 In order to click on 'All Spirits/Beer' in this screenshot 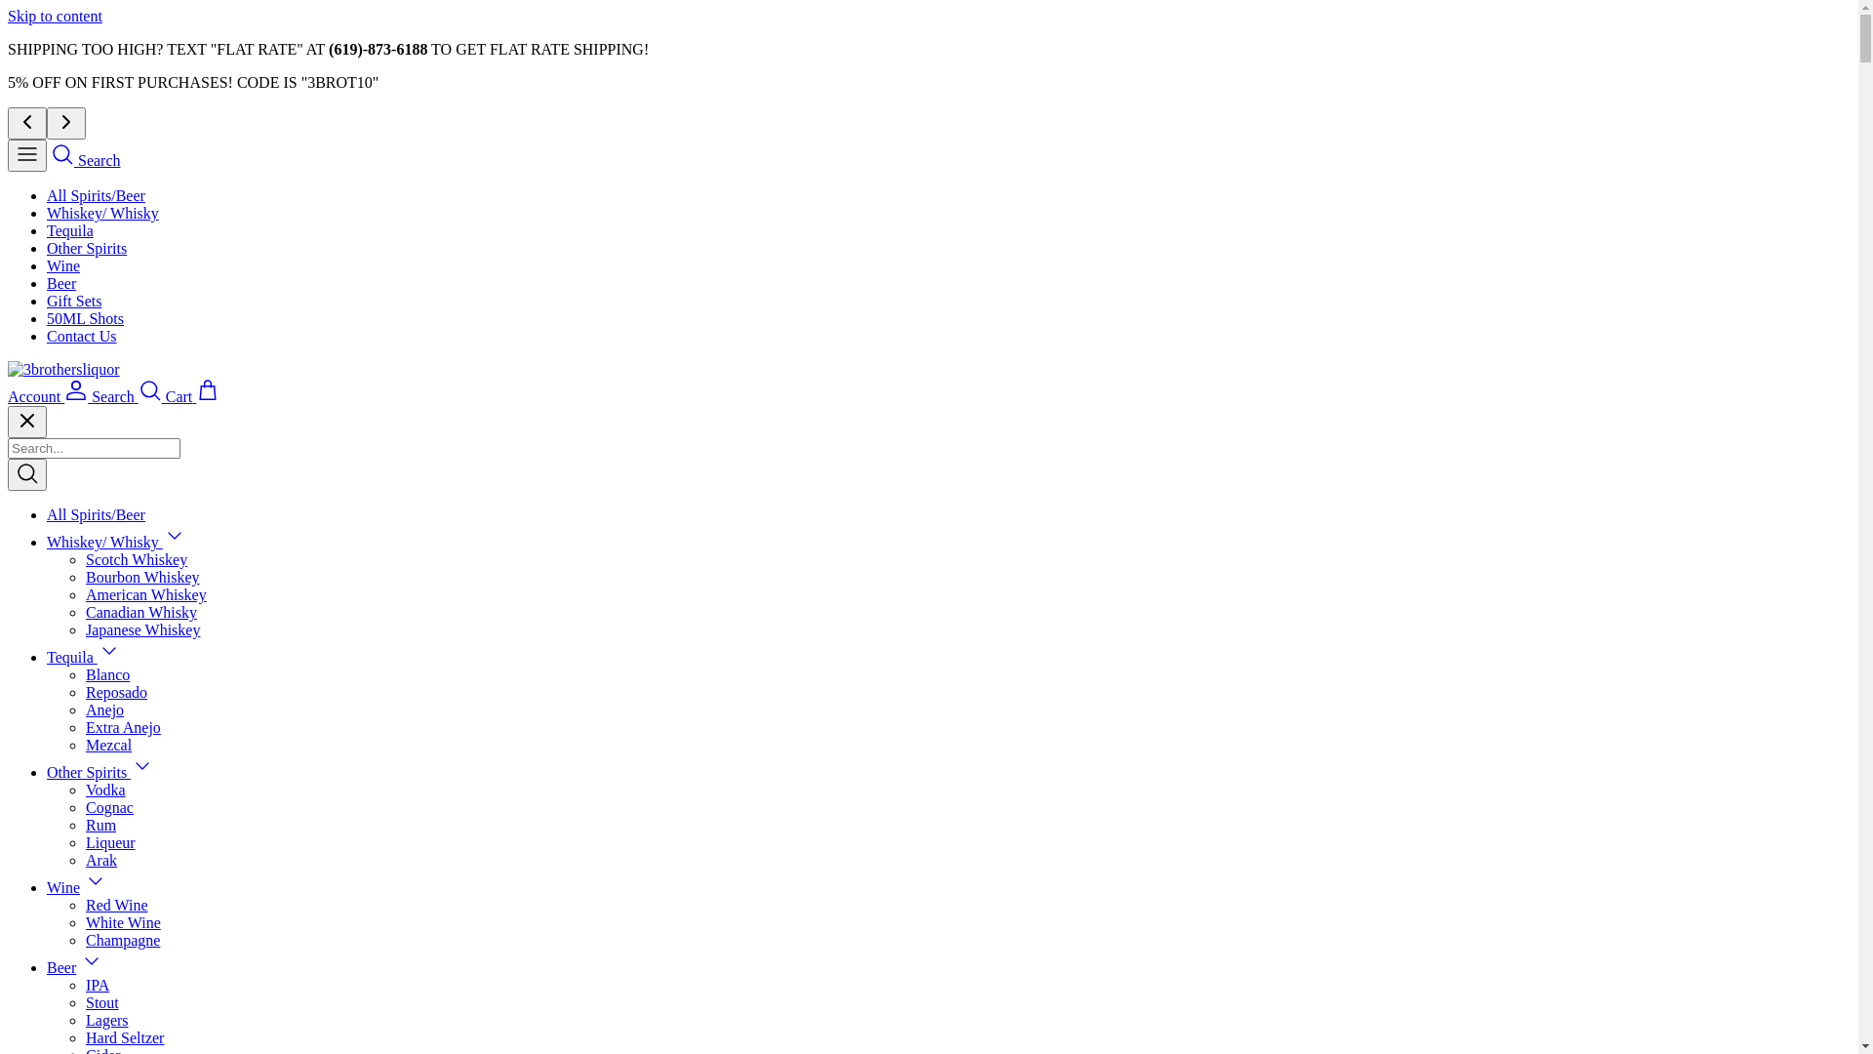, I will do `click(95, 195)`.